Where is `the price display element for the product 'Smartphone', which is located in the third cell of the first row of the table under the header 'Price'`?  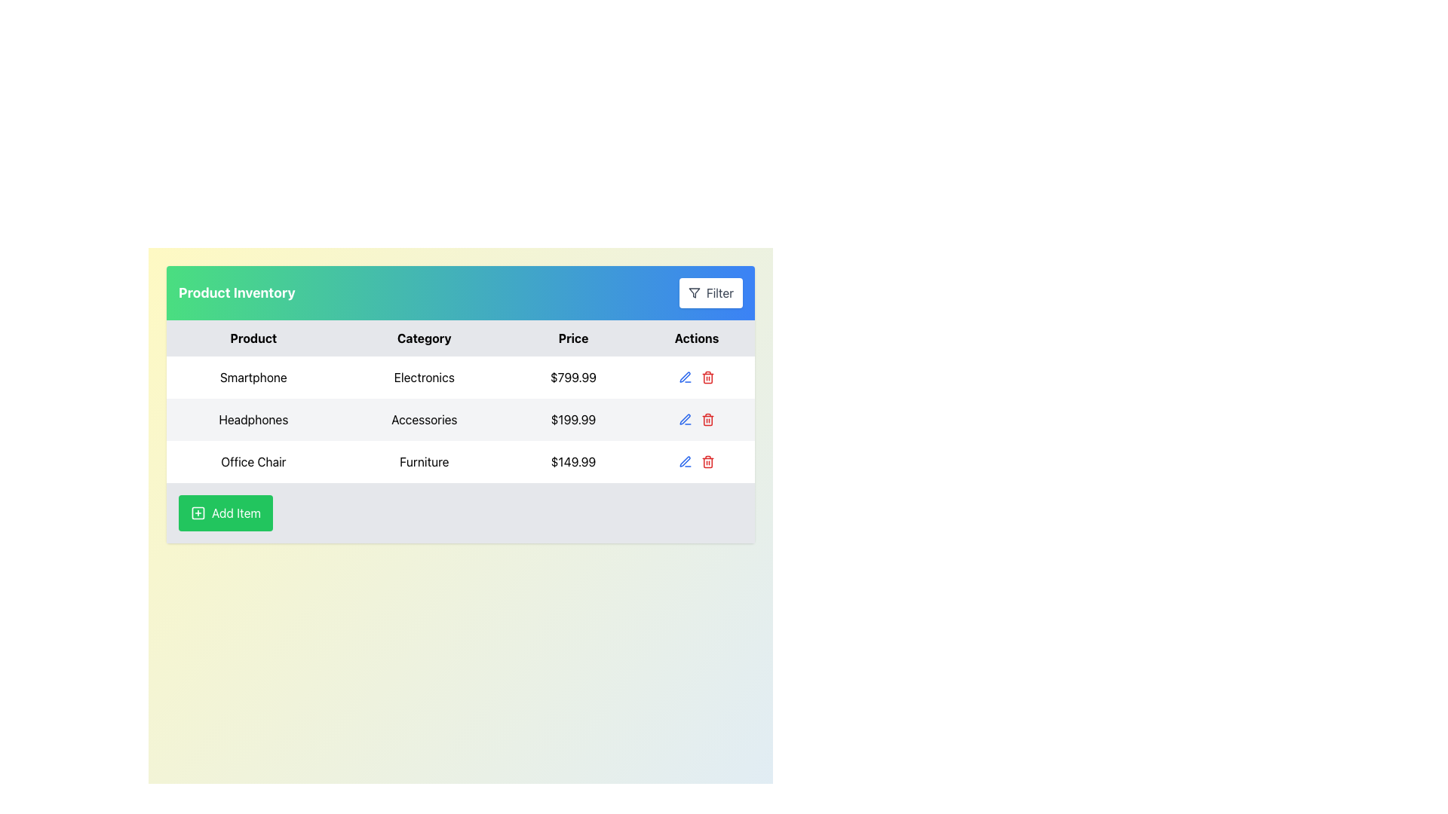
the price display element for the product 'Smartphone', which is located in the third cell of the first row of the table under the header 'Price' is located at coordinates (572, 377).